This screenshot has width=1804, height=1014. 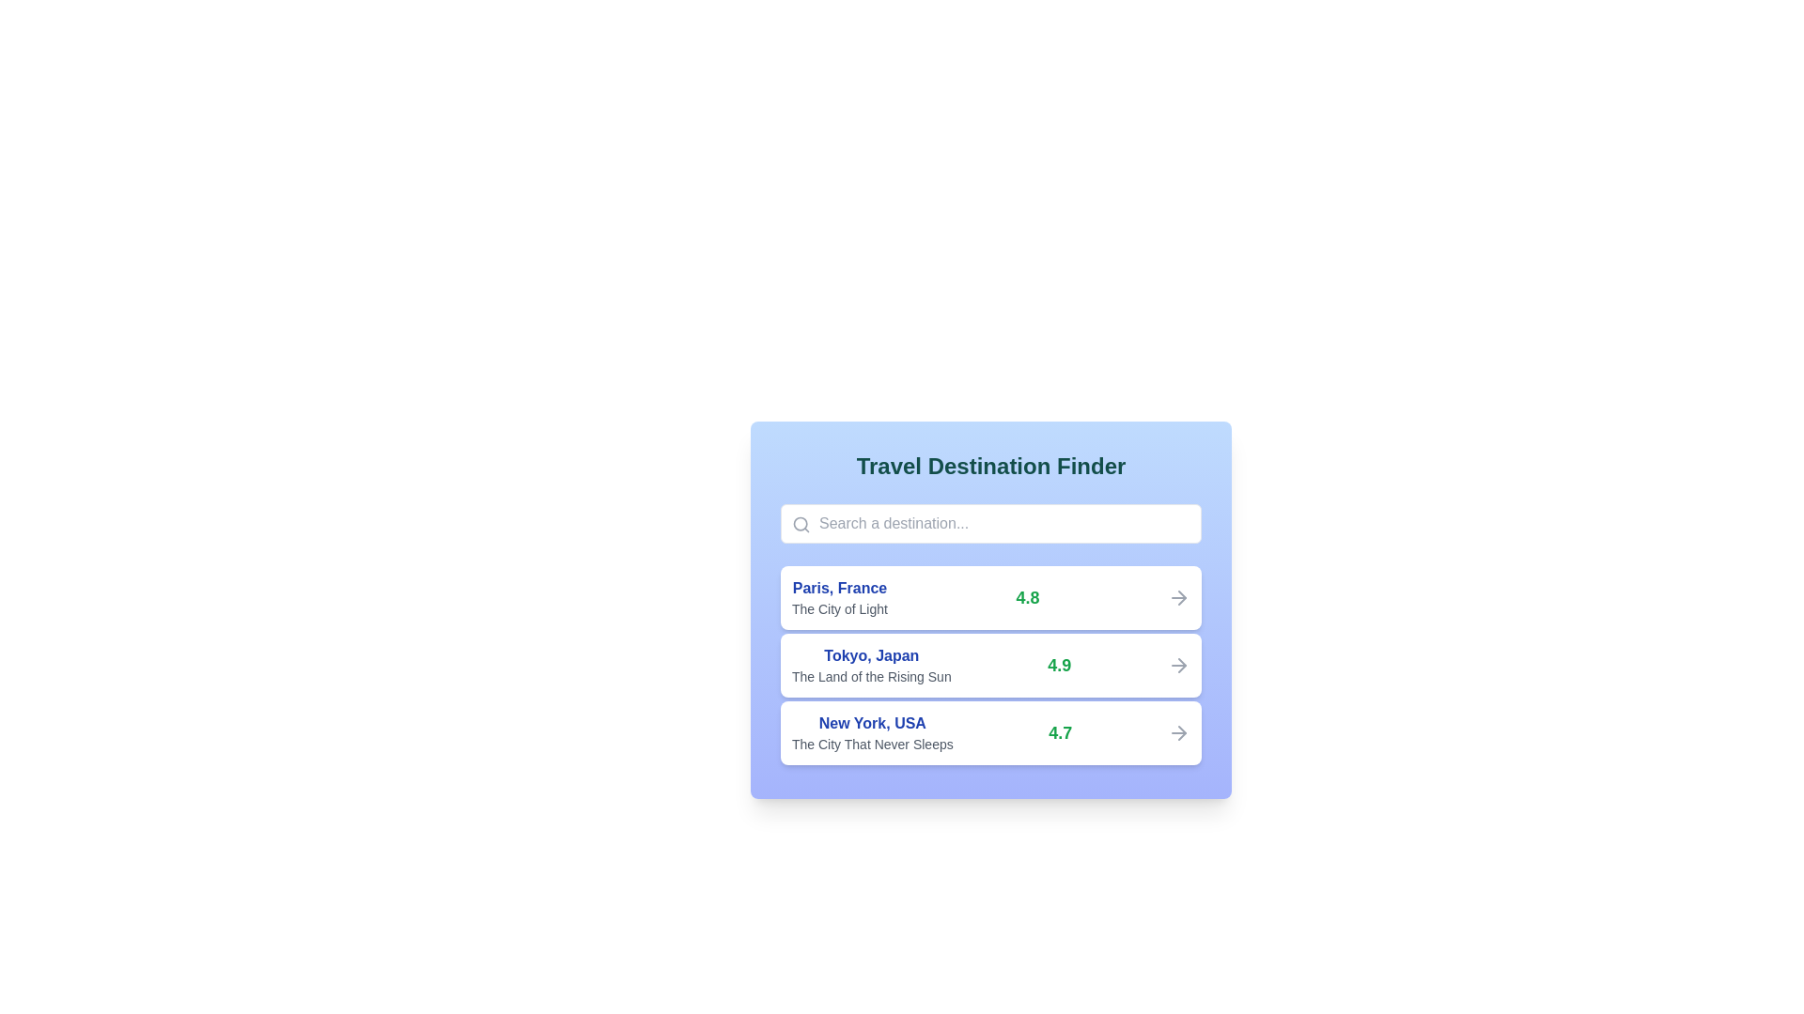 I want to click on the text label displaying 'Paris, France', which is styled in a bold, dark blue font and positioned above the subtitle 'The City of Light', so click(x=838, y=588).